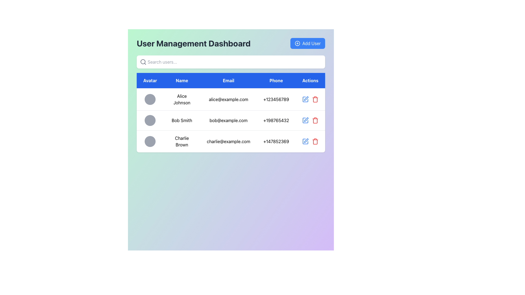 The width and height of the screenshot is (525, 295). I want to click on the text display element showing the phone number '+123456789' for user 'Alice Johnson' located in the fourth column of the first row of the user details table, so click(276, 99).